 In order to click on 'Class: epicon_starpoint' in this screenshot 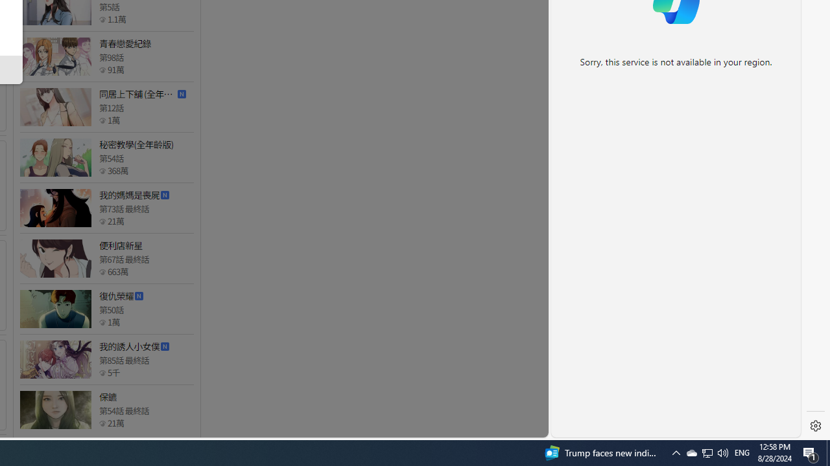, I will do `click(102, 423)`.